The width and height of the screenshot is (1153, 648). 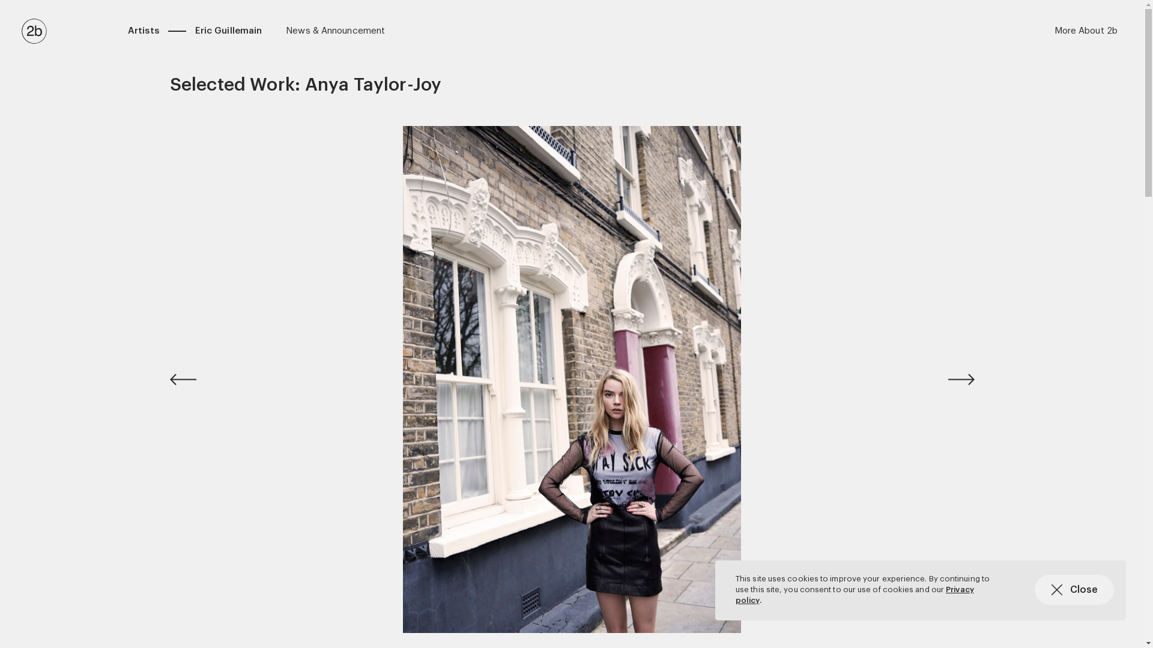 I want to click on 'Previous', so click(x=199, y=379).